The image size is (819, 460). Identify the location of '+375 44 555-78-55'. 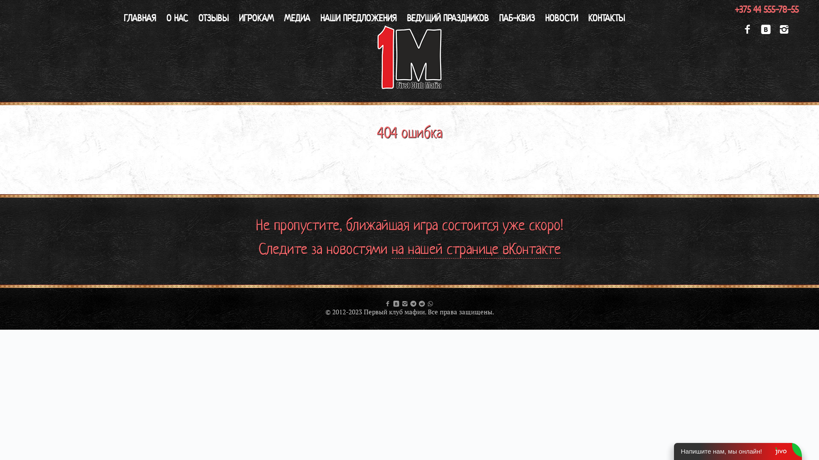
(767, 9).